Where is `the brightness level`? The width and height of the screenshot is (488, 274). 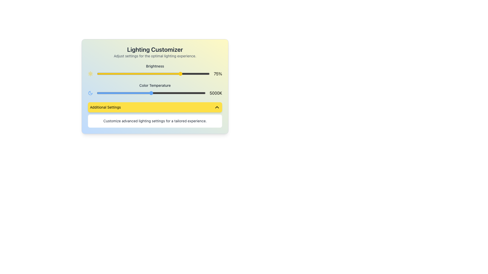 the brightness level is located at coordinates (140, 74).